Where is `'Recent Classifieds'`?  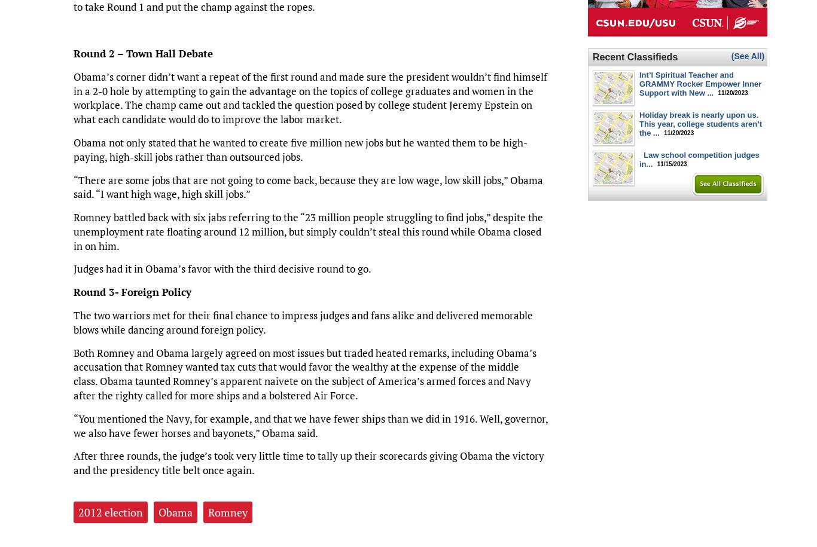 'Recent Classifieds' is located at coordinates (635, 56).